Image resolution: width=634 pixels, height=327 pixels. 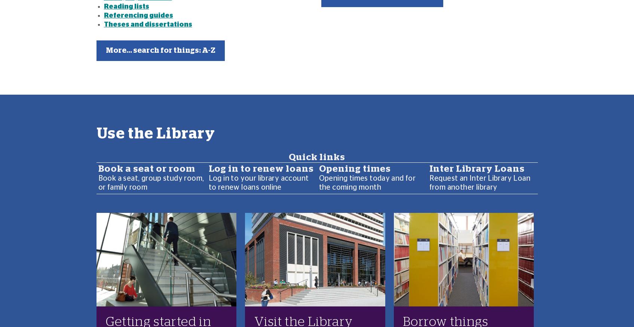 I want to click on 'Staff and students', so click(x=135, y=204).